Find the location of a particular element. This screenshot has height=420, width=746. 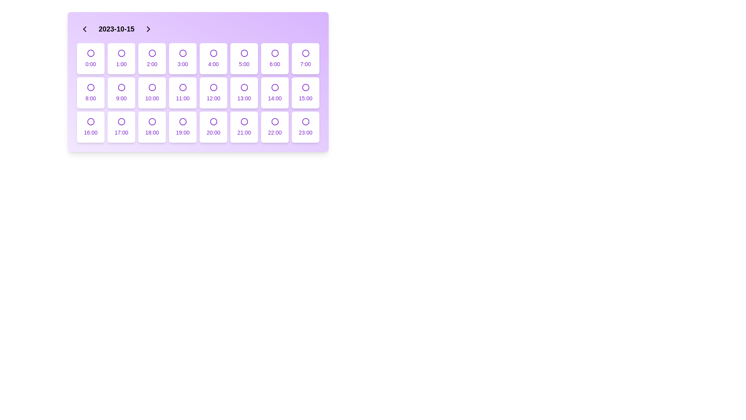

the button displaying '11:00' with a white background and purple outline for keyboard navigation is located at coordinates (182, 93).